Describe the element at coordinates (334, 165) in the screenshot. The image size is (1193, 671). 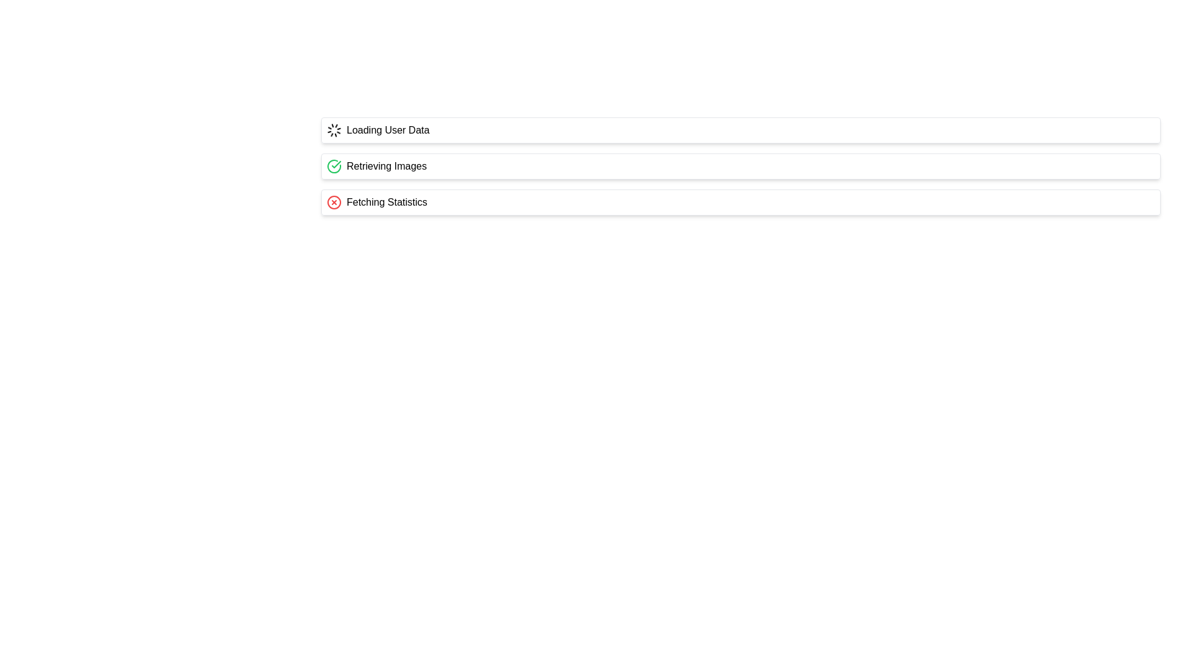
I see `the green checkmark icon inside the 'Retrieving Images' list item by moving the cursor to it` at that location.